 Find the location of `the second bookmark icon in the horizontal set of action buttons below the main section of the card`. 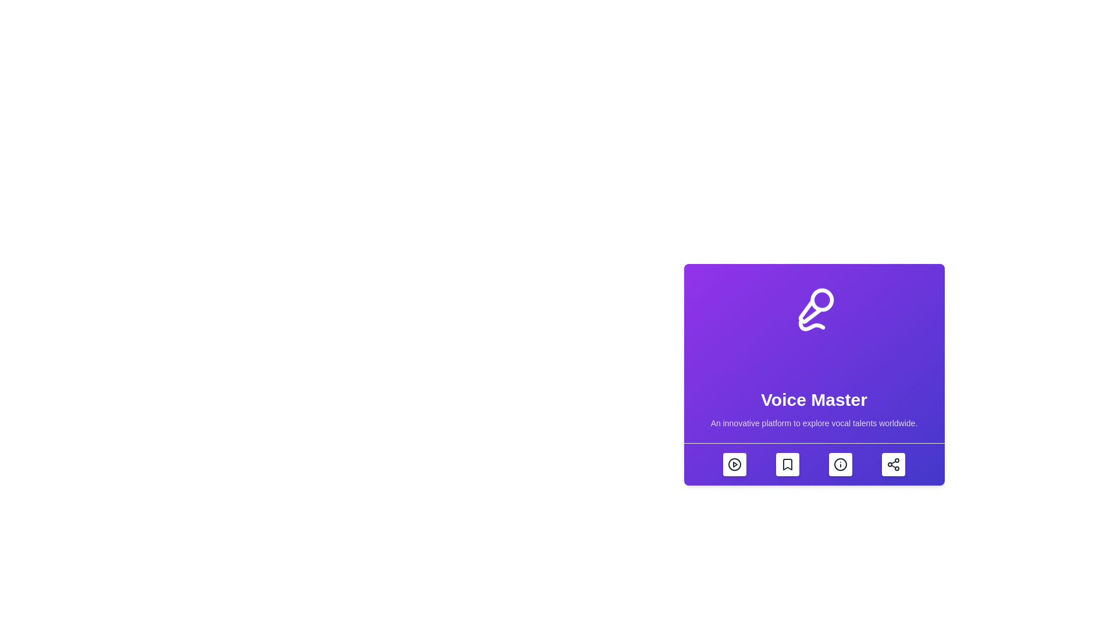

the second bookmark icon in the horizontal set of action buttons below the main section of the card is located at coordinates (787, 463).